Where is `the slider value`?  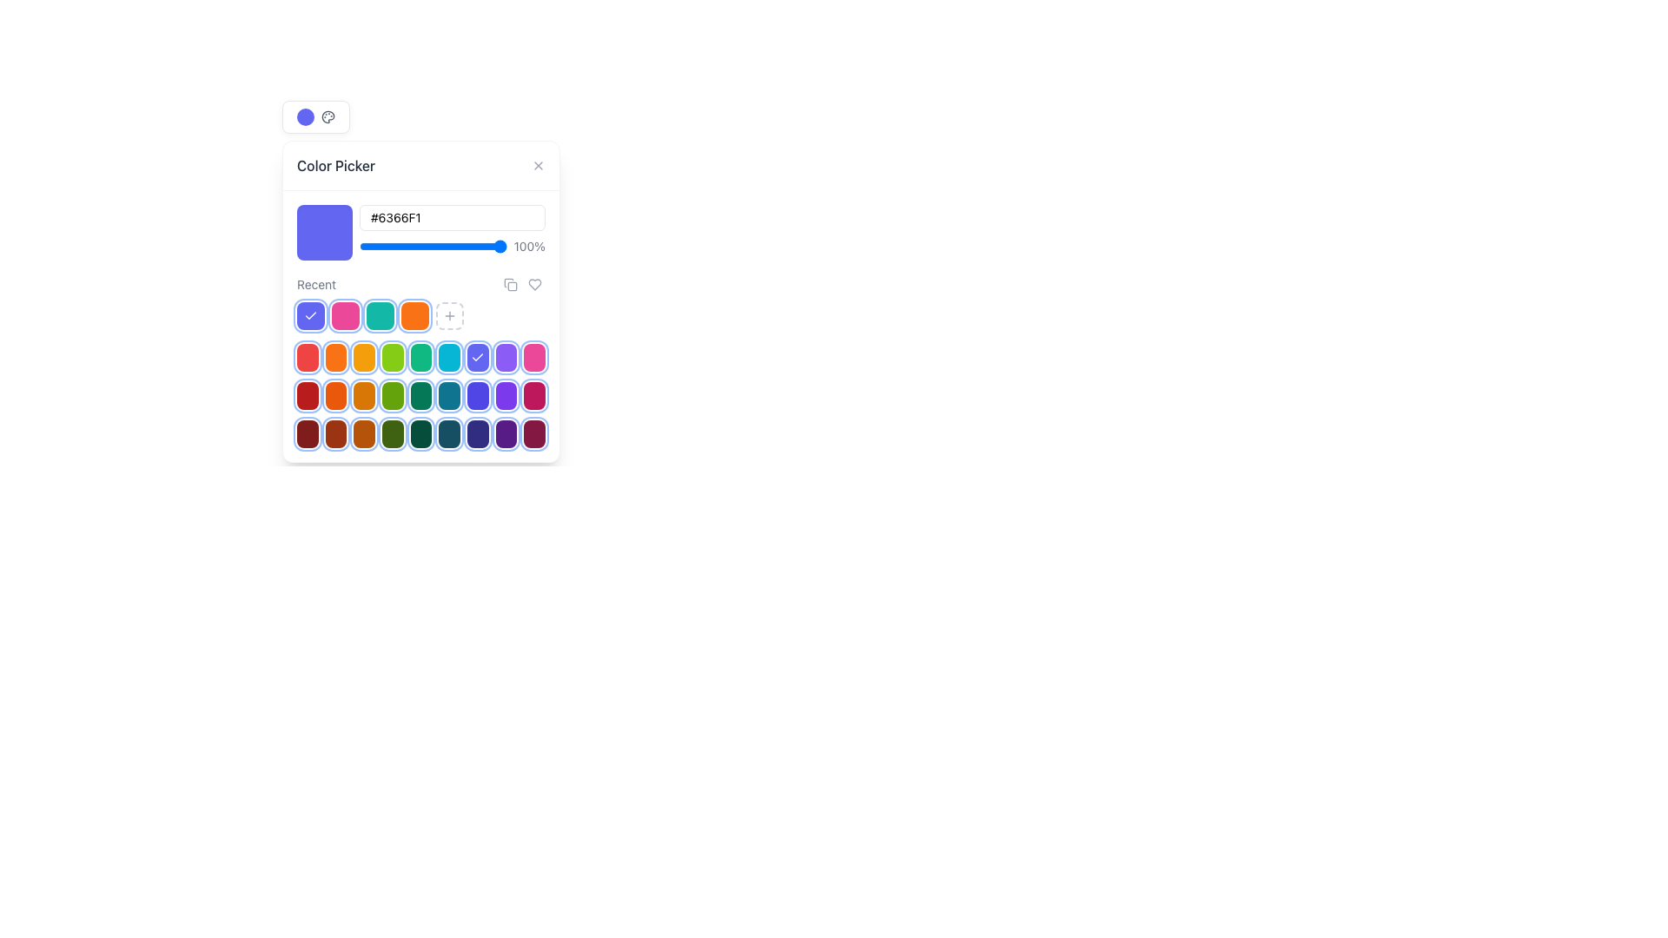
the slider value is located at coordinates (441, 247).